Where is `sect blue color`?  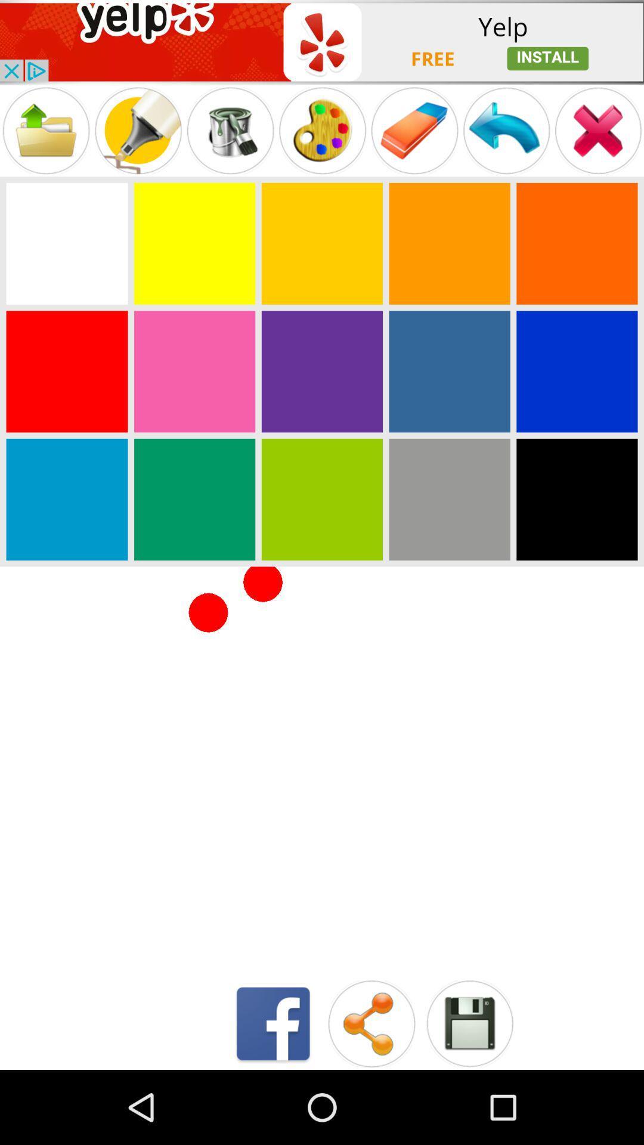 sect blue color is located at coordinates (576, 371).